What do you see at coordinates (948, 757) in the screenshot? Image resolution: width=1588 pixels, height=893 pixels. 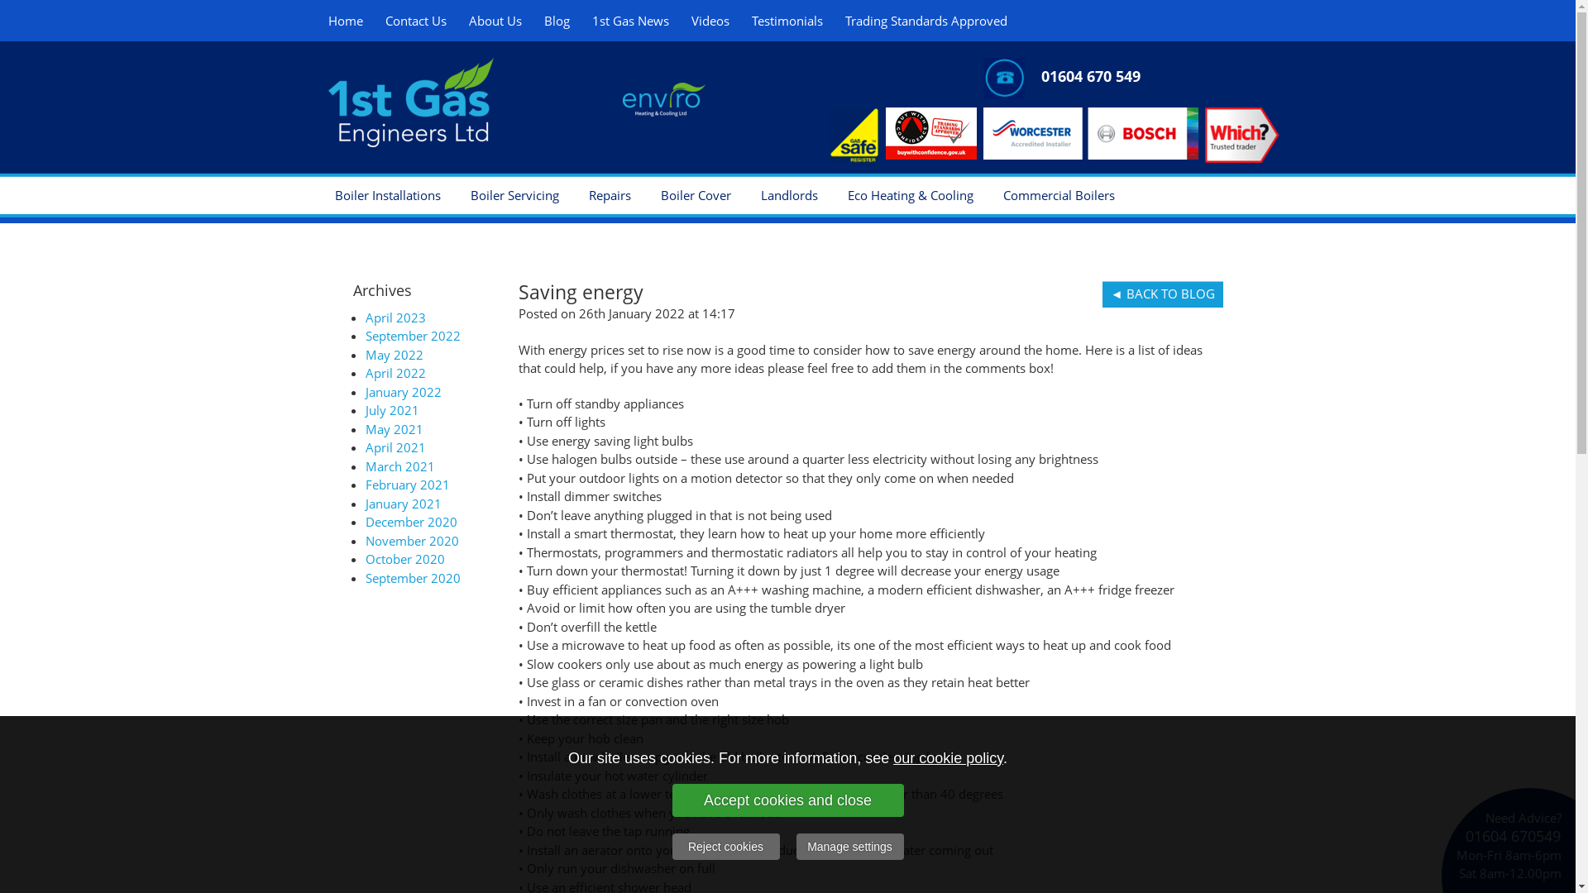 I see `'our cookie policy'` at bounding box center [948, 757].